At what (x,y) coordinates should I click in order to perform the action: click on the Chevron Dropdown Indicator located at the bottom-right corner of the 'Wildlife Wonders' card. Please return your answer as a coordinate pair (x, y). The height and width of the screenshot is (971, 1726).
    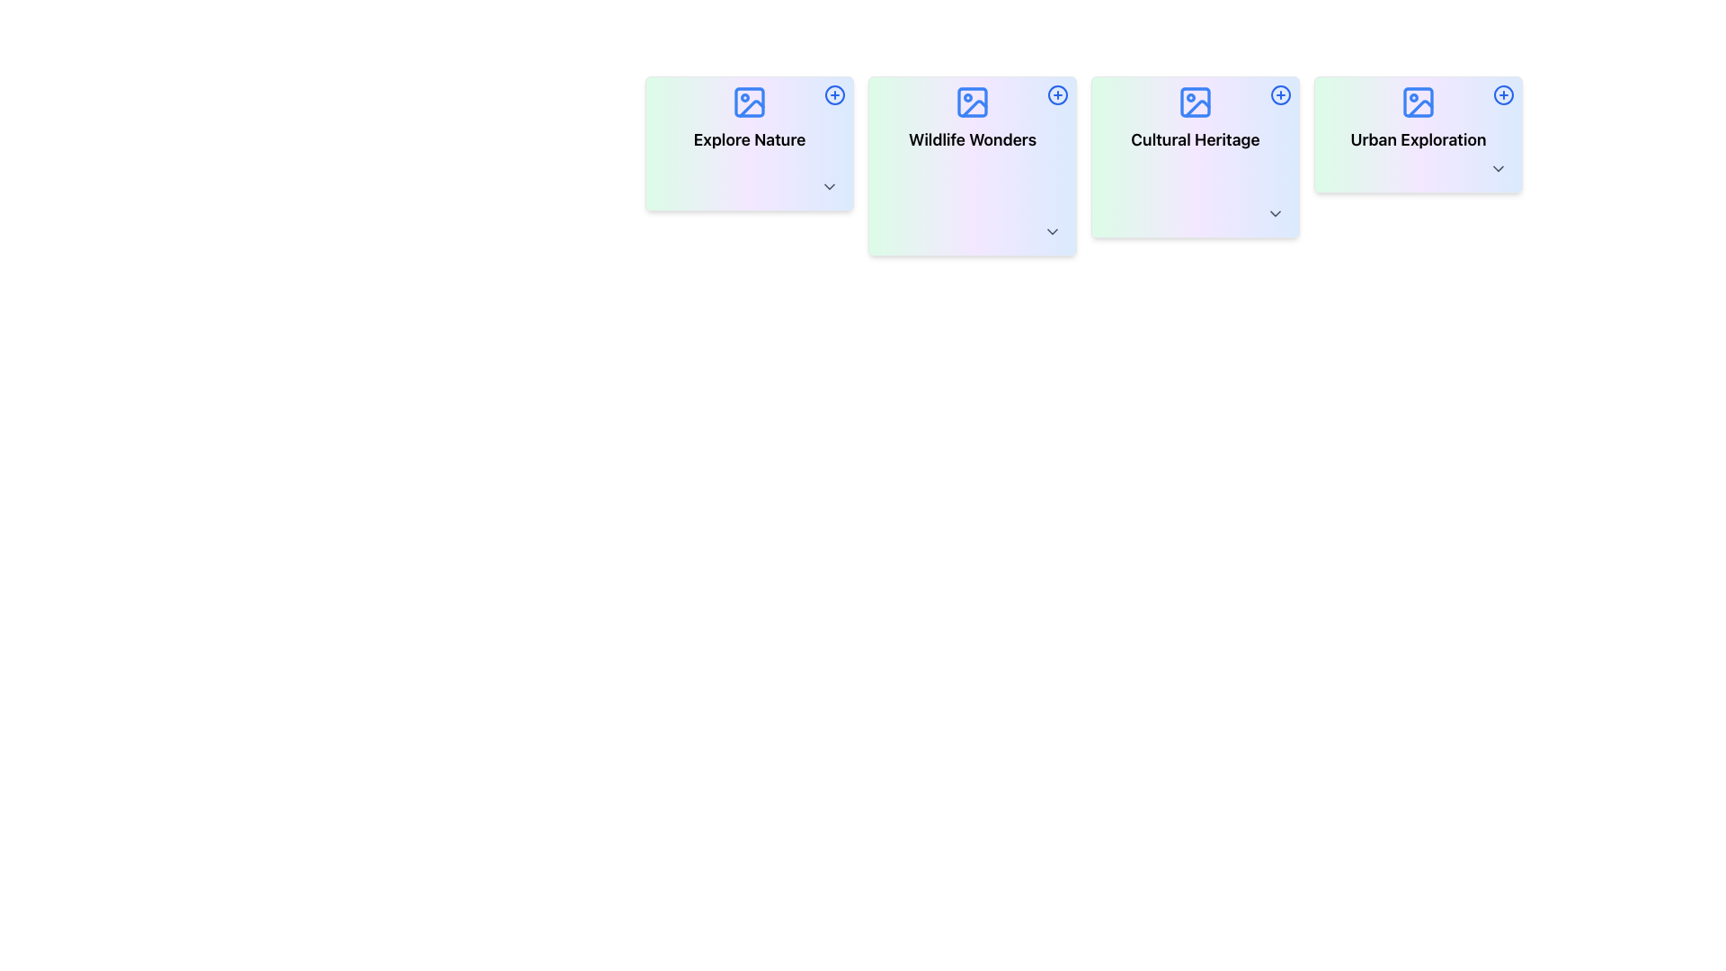
    Looking at the image, I should click on (1053, 231).